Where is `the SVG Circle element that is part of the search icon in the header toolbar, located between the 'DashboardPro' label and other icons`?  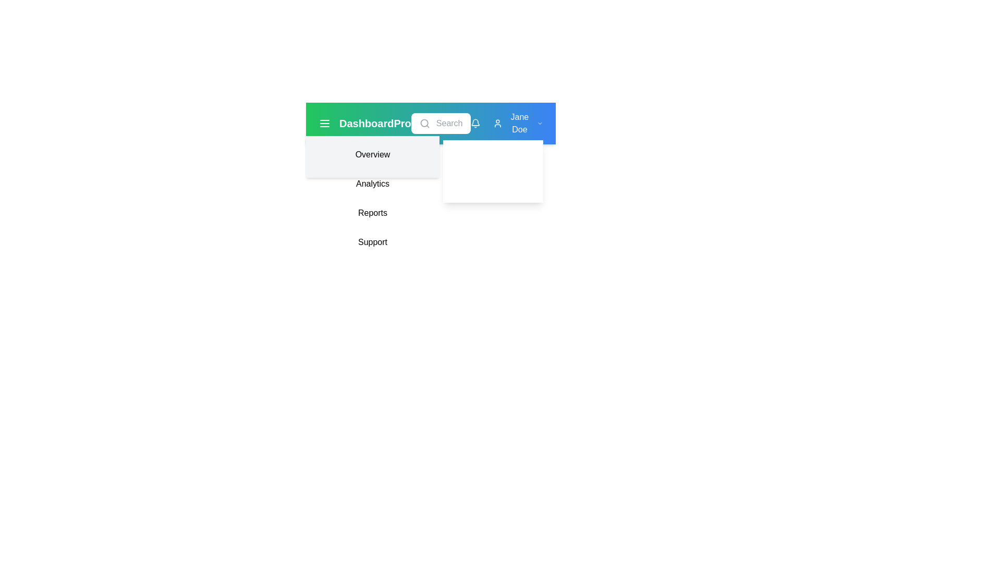
the SVG Circle element that is part of the search icon in the header toolbar, located between the 'DashboardPro' label and other icons is located at coordinates (424, 123).